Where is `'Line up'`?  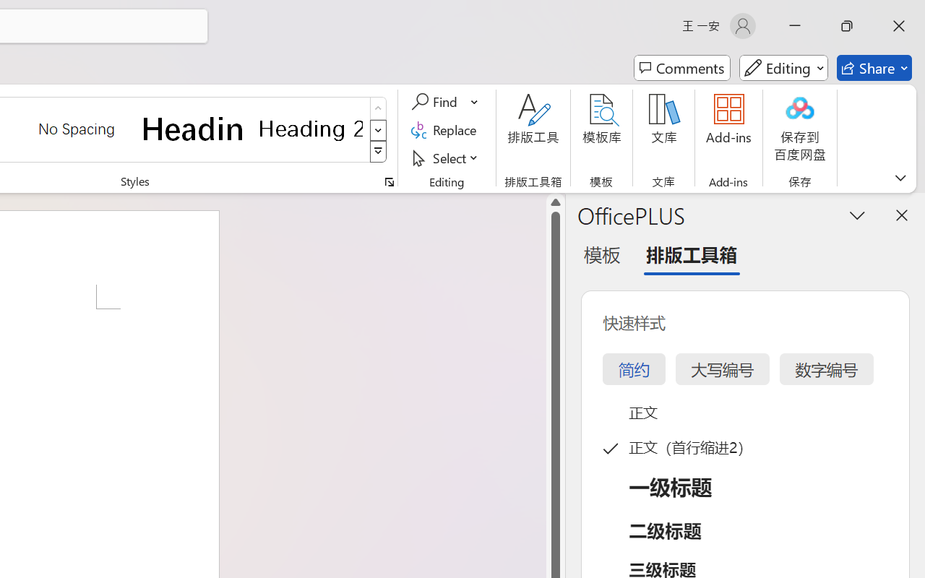
'Line up' is located at coordinates (555, 202).